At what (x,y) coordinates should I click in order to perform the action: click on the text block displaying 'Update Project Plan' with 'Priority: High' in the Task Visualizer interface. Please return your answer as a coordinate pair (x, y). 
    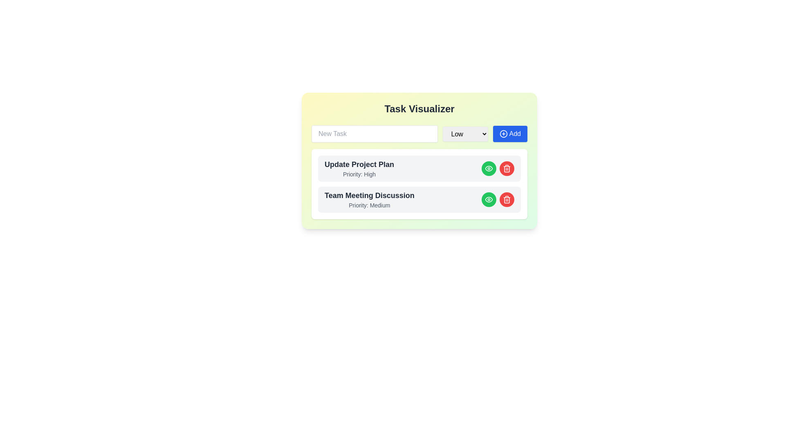
    Looking at the image, I should click on (359, 168).